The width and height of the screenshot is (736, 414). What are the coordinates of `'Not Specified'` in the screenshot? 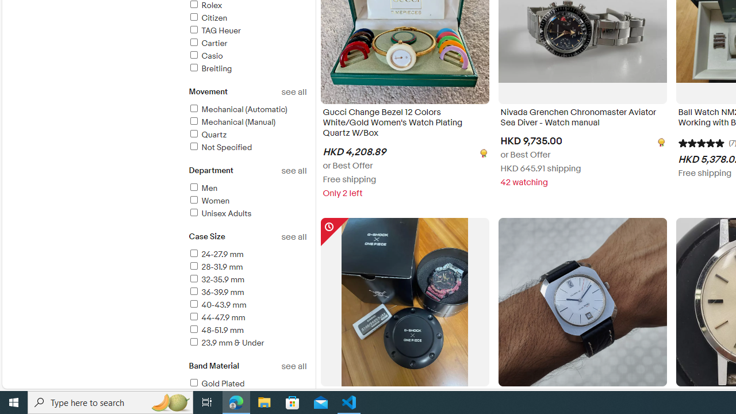 It's located at (220, 147).